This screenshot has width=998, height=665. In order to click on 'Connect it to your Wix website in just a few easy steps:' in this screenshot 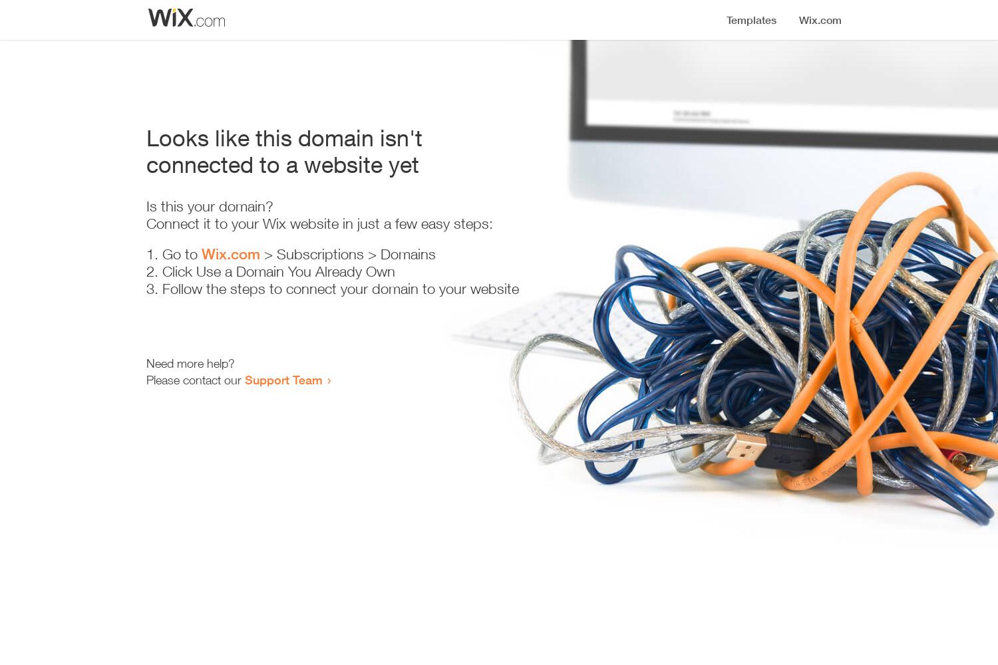, I will do `click(319, 223)`.